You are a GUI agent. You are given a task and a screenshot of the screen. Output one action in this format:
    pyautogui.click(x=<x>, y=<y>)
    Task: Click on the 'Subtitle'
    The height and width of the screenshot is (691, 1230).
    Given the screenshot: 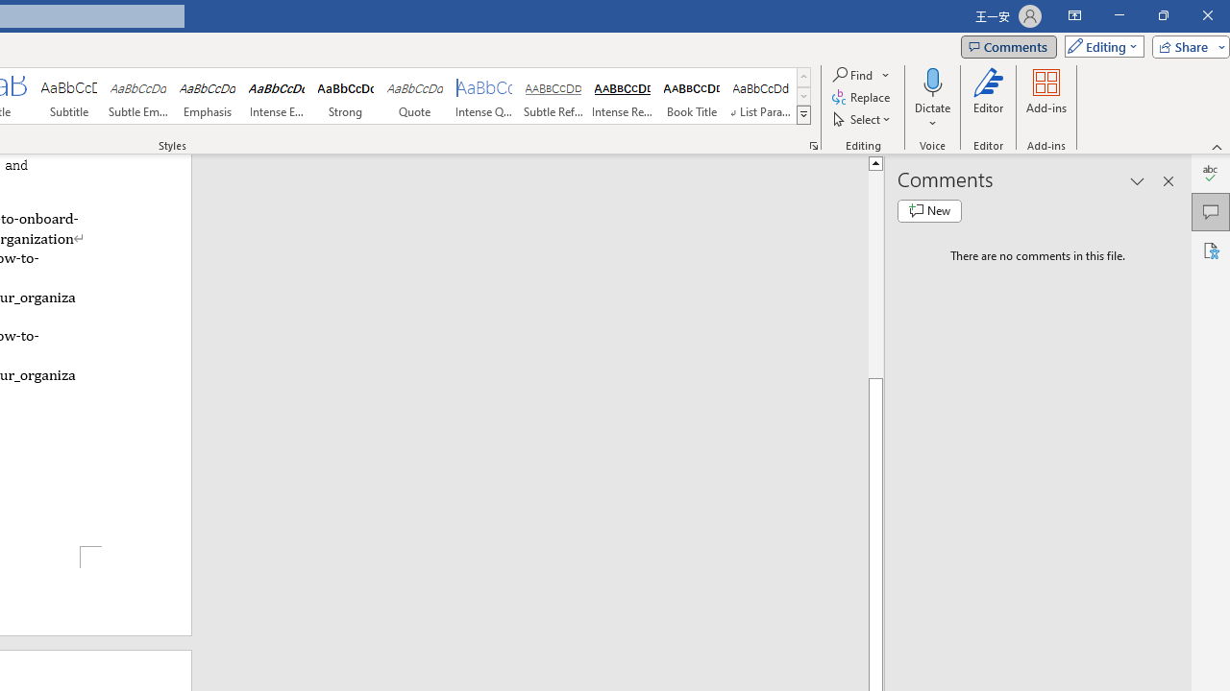 What is the action you would take?
    pyautogui.click(x=68, y=96)
    